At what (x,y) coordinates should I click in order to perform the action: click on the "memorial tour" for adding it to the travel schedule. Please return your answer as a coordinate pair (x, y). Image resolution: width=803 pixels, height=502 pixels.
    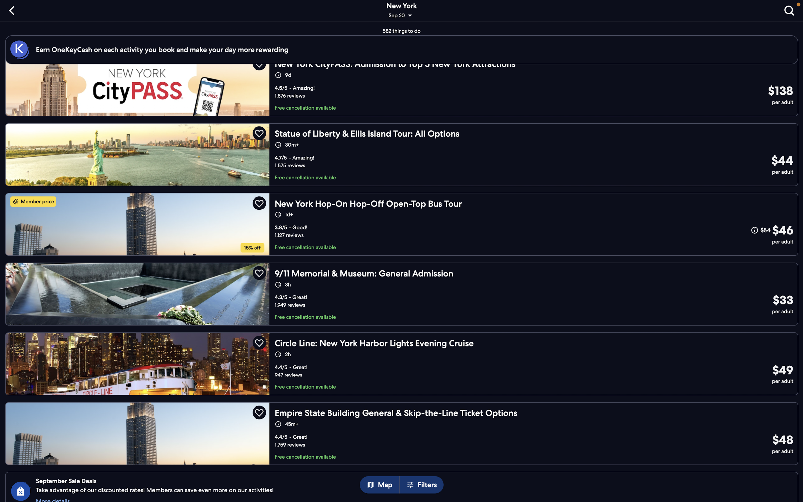
    Looking at the image, I should click on (402, 293).